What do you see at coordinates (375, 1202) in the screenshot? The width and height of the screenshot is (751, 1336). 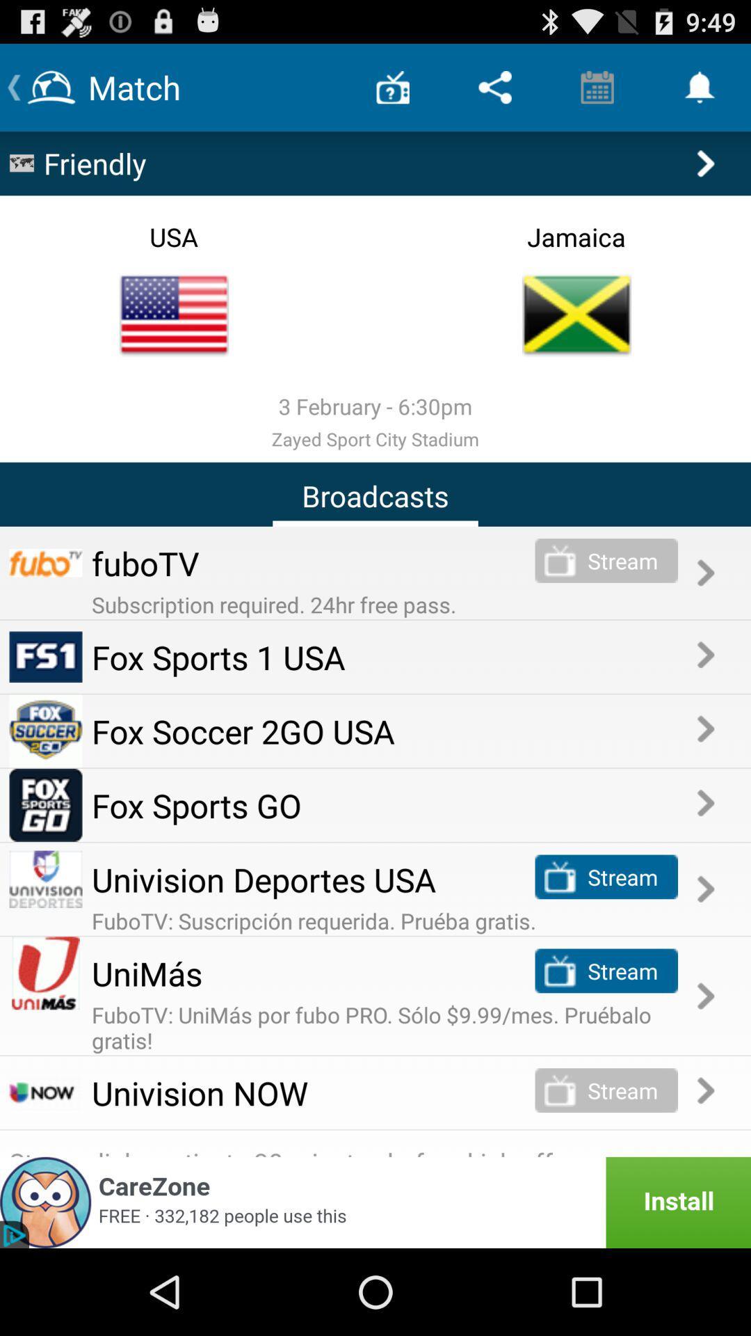 I see `the advertisement` at bounding box center [375, 1202].